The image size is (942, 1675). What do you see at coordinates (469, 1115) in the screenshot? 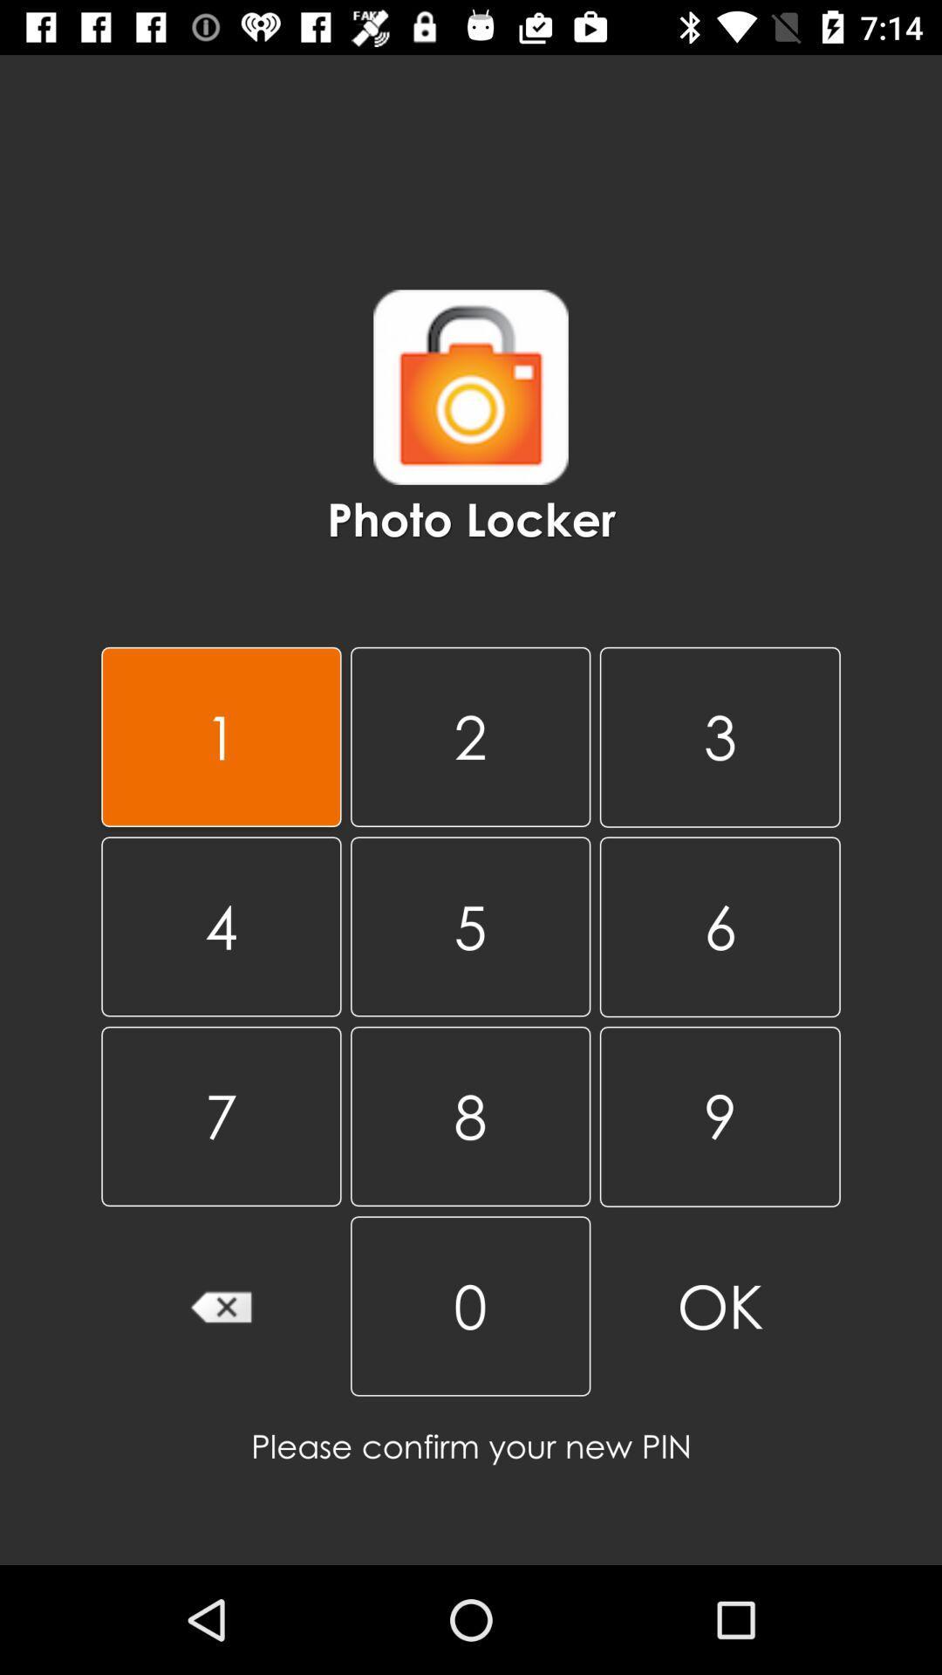
I see `icon to the right of the 4 item` at bounding box center [469, 1115].